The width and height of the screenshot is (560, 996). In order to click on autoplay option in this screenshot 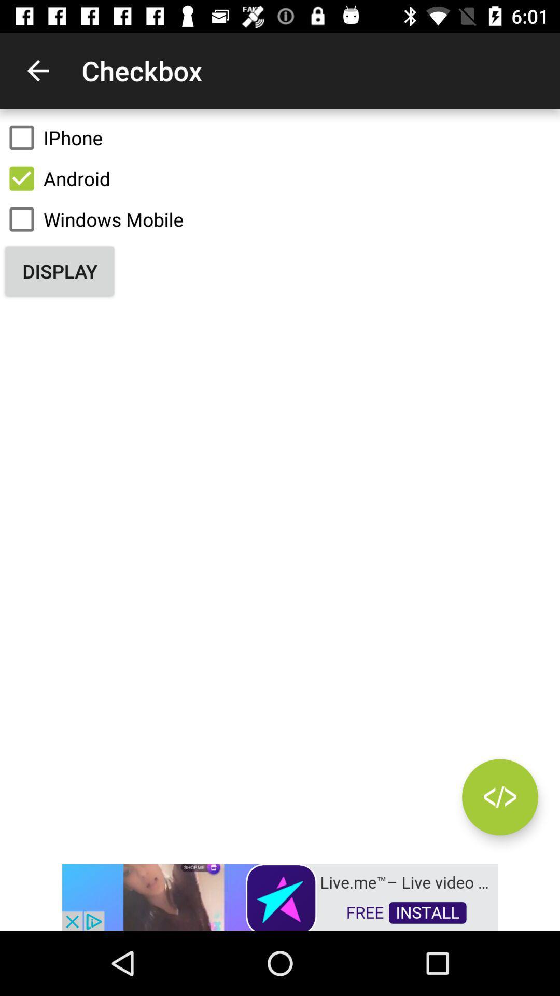, I will do `click(499, 796)`.